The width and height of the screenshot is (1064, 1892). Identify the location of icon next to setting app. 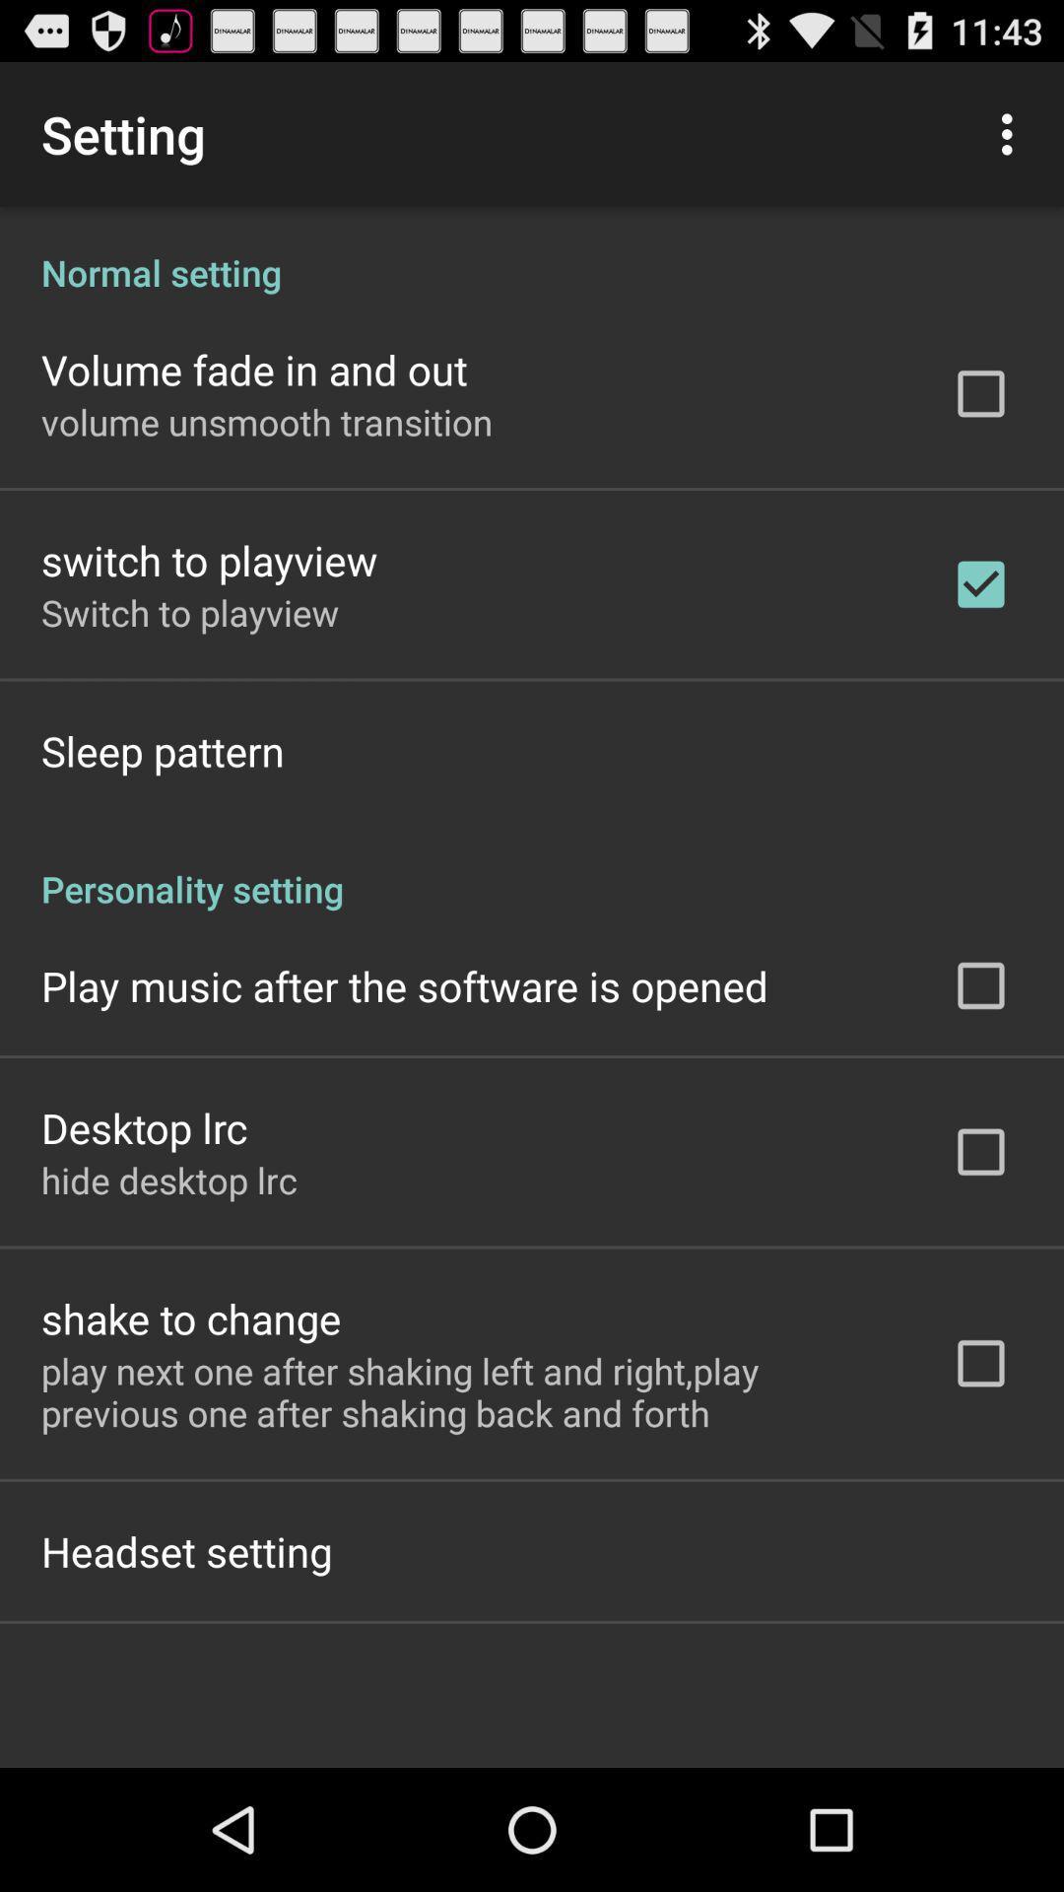
(1012, 133).